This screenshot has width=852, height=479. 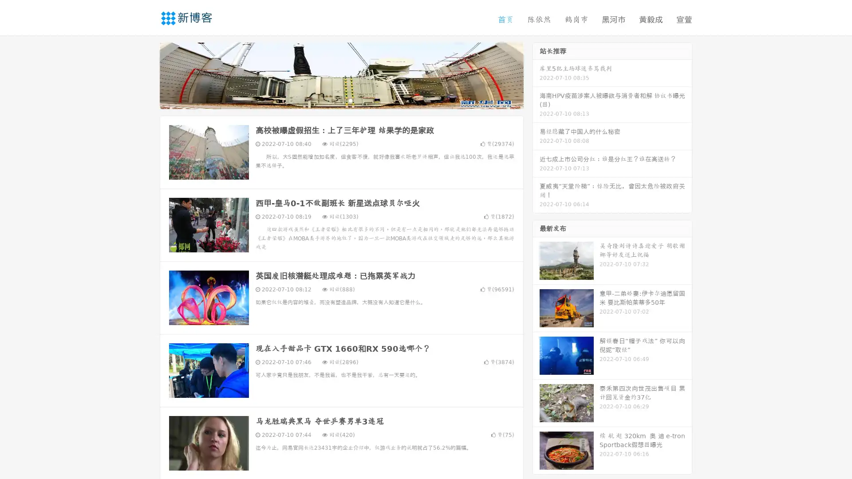 I want to click on Go to slide 3, so click(x=350, y=100).